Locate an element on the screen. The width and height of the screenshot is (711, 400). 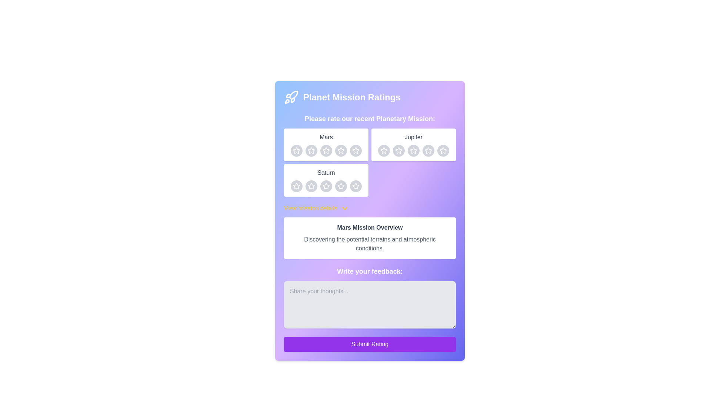
the static text label displaying 'Jupiter' in gray font, located in the top-right section of the interface above the star rating icons is located at coordinates (413, 137).